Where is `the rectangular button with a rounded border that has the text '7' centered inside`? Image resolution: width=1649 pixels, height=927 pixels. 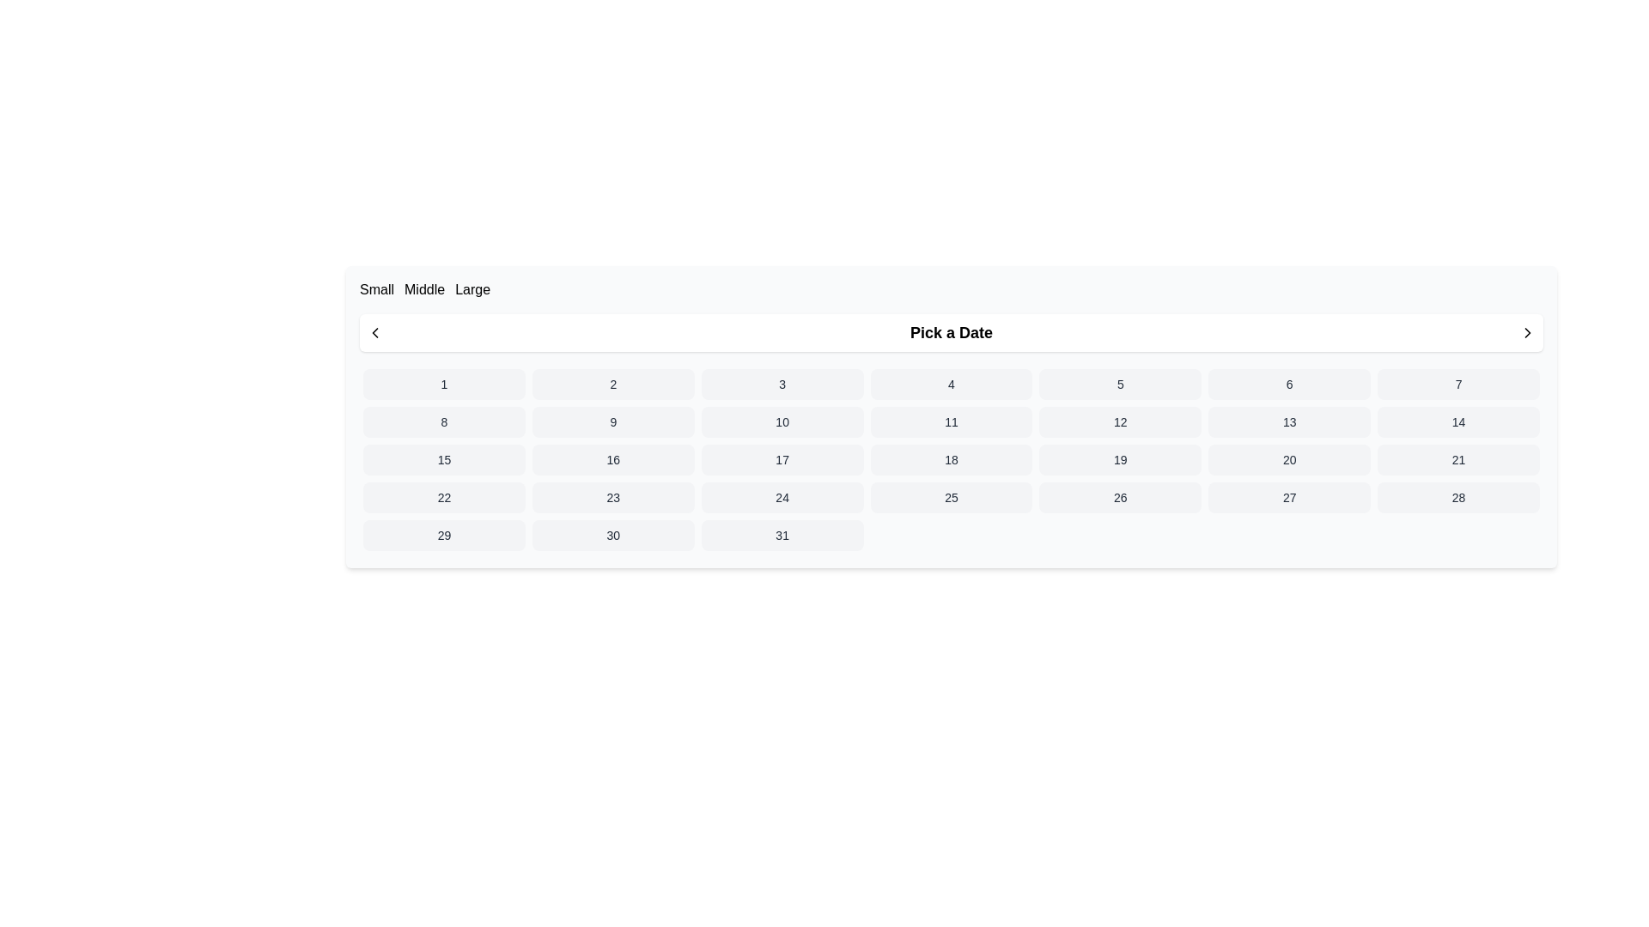
the rectangular button with a rounded border that has the text '7' centered inside is located at coordinates (1457, 383).